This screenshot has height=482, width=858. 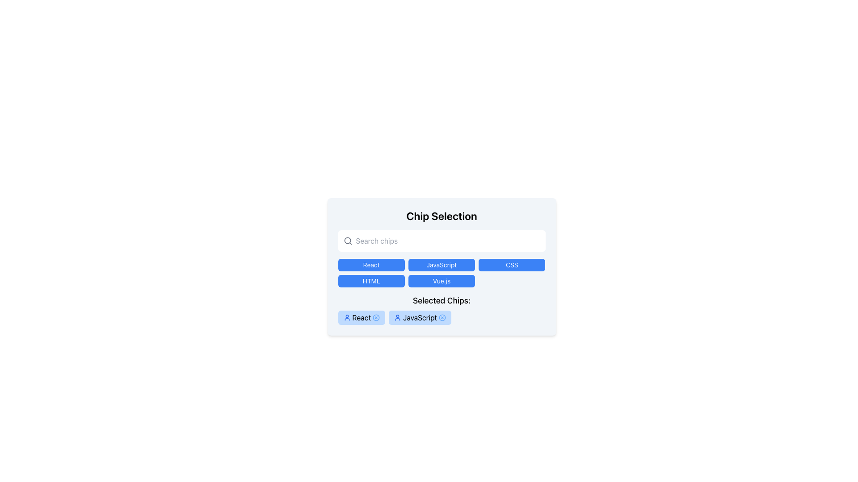 What do you see at coordinates (512, 265) in the screenshot?
I see `the 'CSS' button in the 'Chip Selection' interface` at bounding box center [512, 265].